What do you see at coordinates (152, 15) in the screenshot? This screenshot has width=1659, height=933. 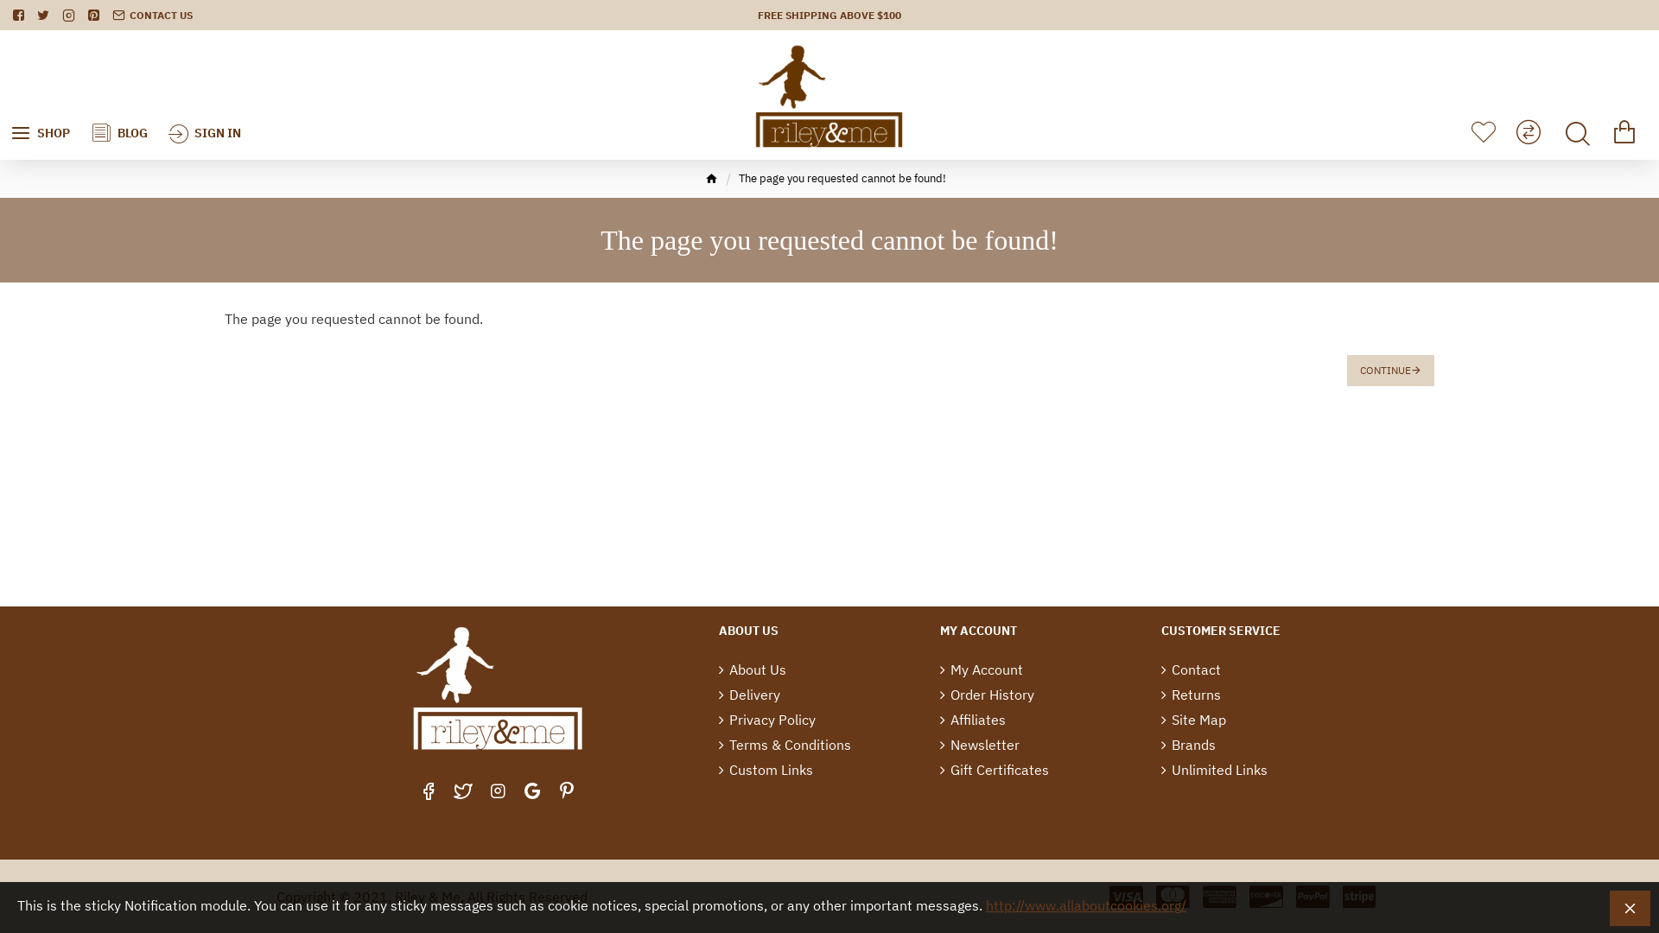 I see `'CONTACT US'` at bounding box center [152, 15].